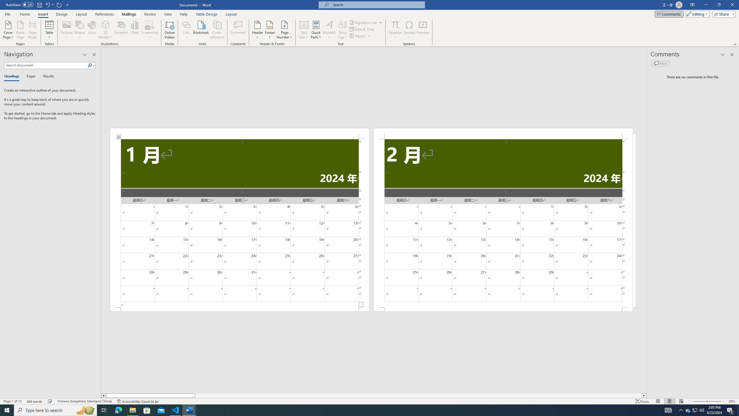 The image size is (739, 416). Describe the element at coordinates (423, 30) in the screenshot. I see `'Number...'` at that location.